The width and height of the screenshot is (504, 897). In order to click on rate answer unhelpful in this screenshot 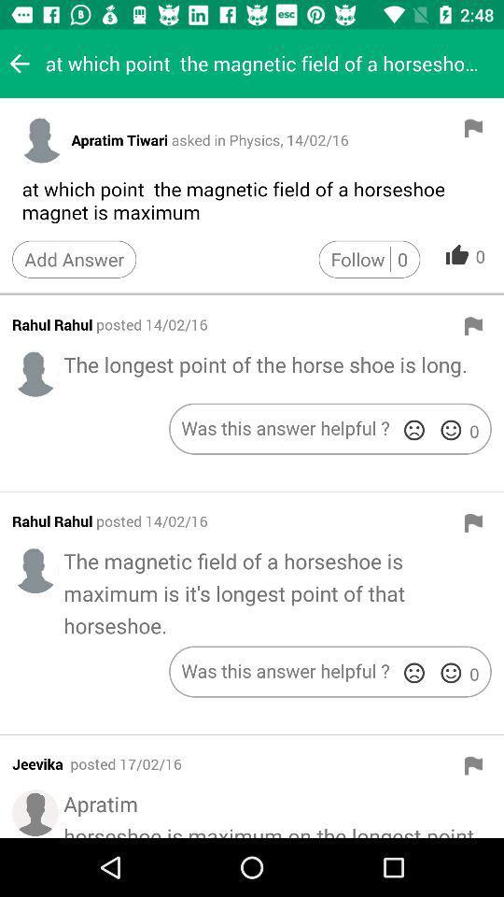, I will do `click(413, 430)`.